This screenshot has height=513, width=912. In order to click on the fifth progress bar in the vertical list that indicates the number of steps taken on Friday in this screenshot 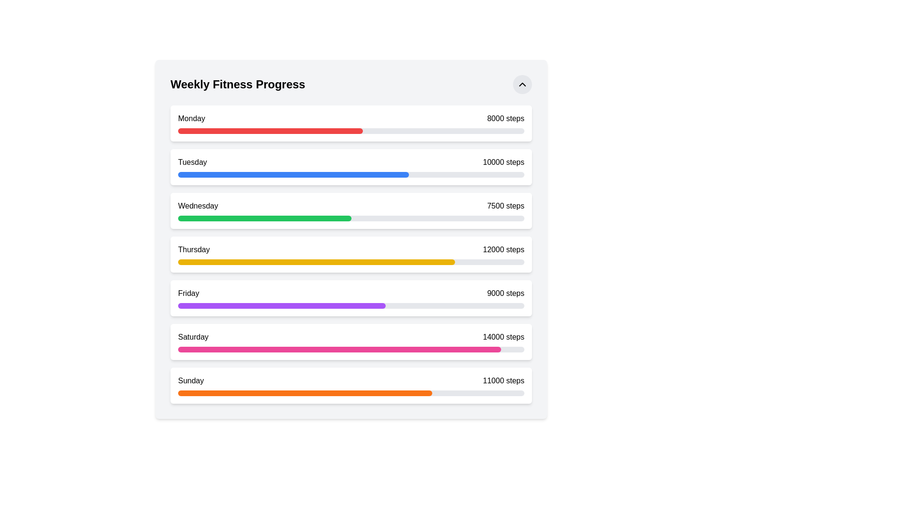, I will do `click(351, 306)`.